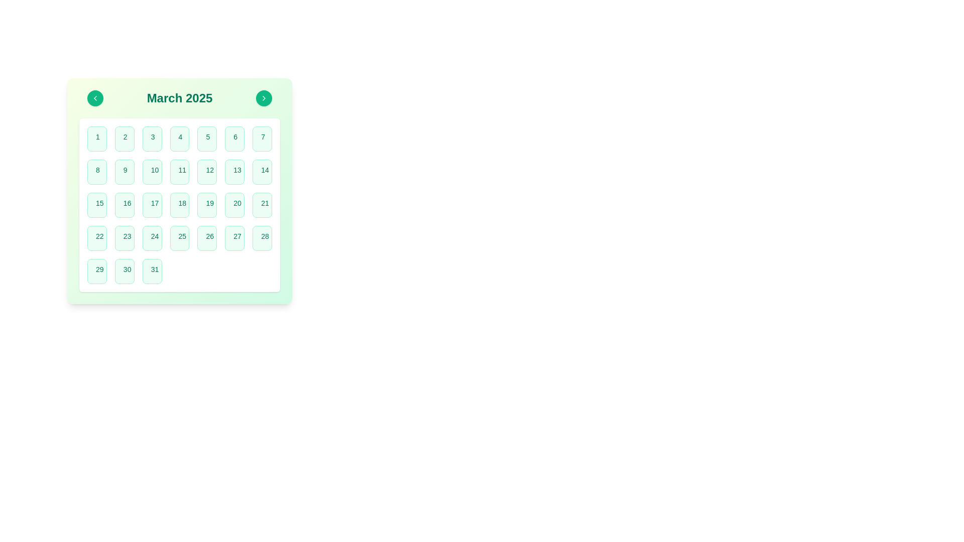 This screenshot has width=964, height=542. What do you see at coordinates (235, 137) in the screenshot?
I see `the Text component representing the date '6' in the calendar interface for March 2025` at bounding box center [235, 137].